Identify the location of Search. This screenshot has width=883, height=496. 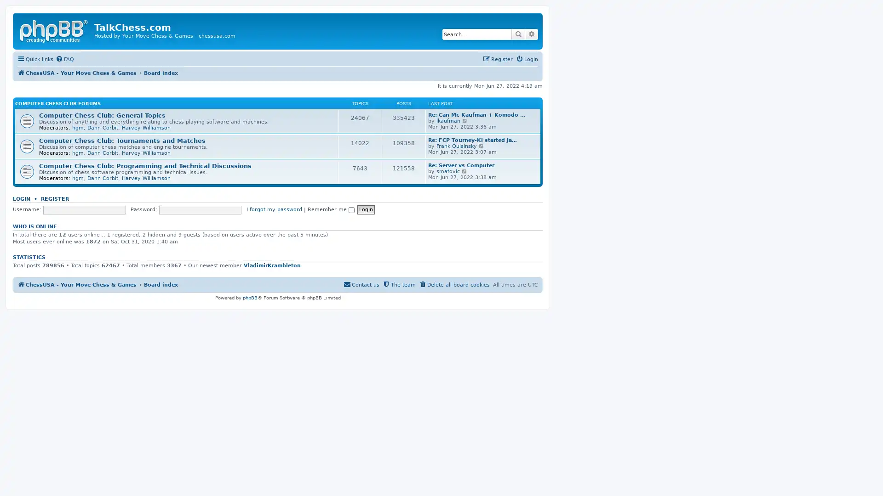
(518, 34).